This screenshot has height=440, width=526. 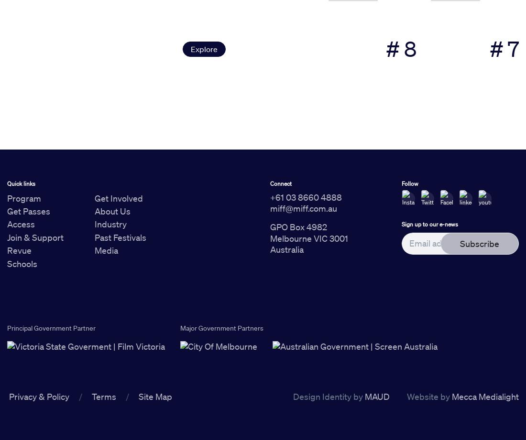 I want to click on 'Explore', so click(x=203, y=48).